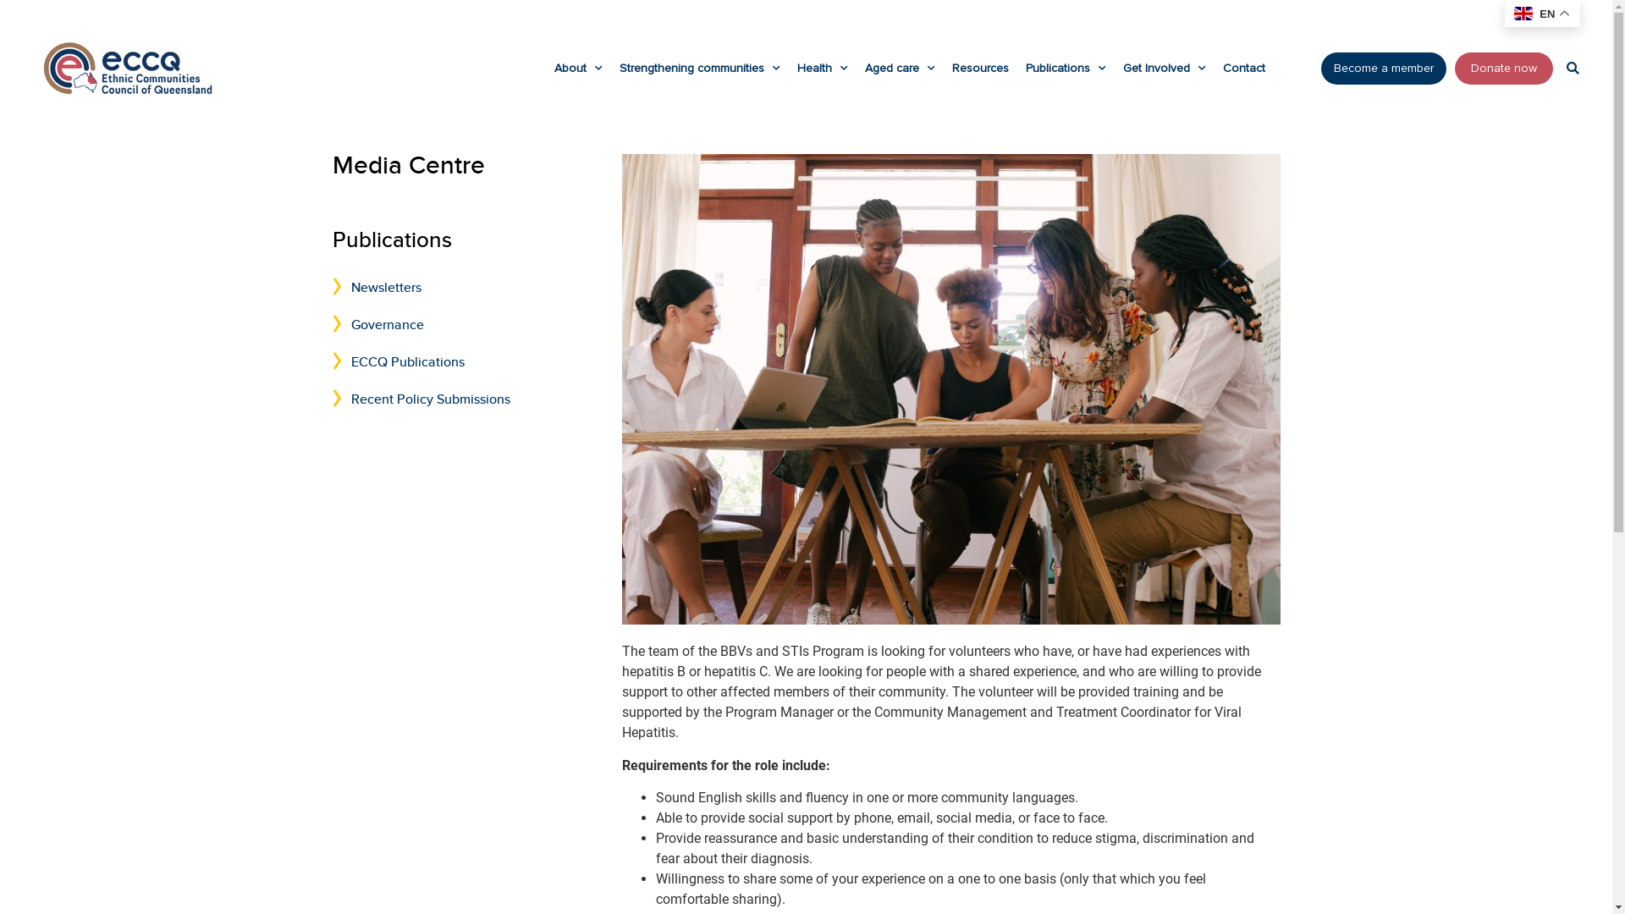 This screenshot has height=914, width=1625. Describe the element at coordinates (1164, 68) in the screenshot. I see `'Get Involved'` at that location.